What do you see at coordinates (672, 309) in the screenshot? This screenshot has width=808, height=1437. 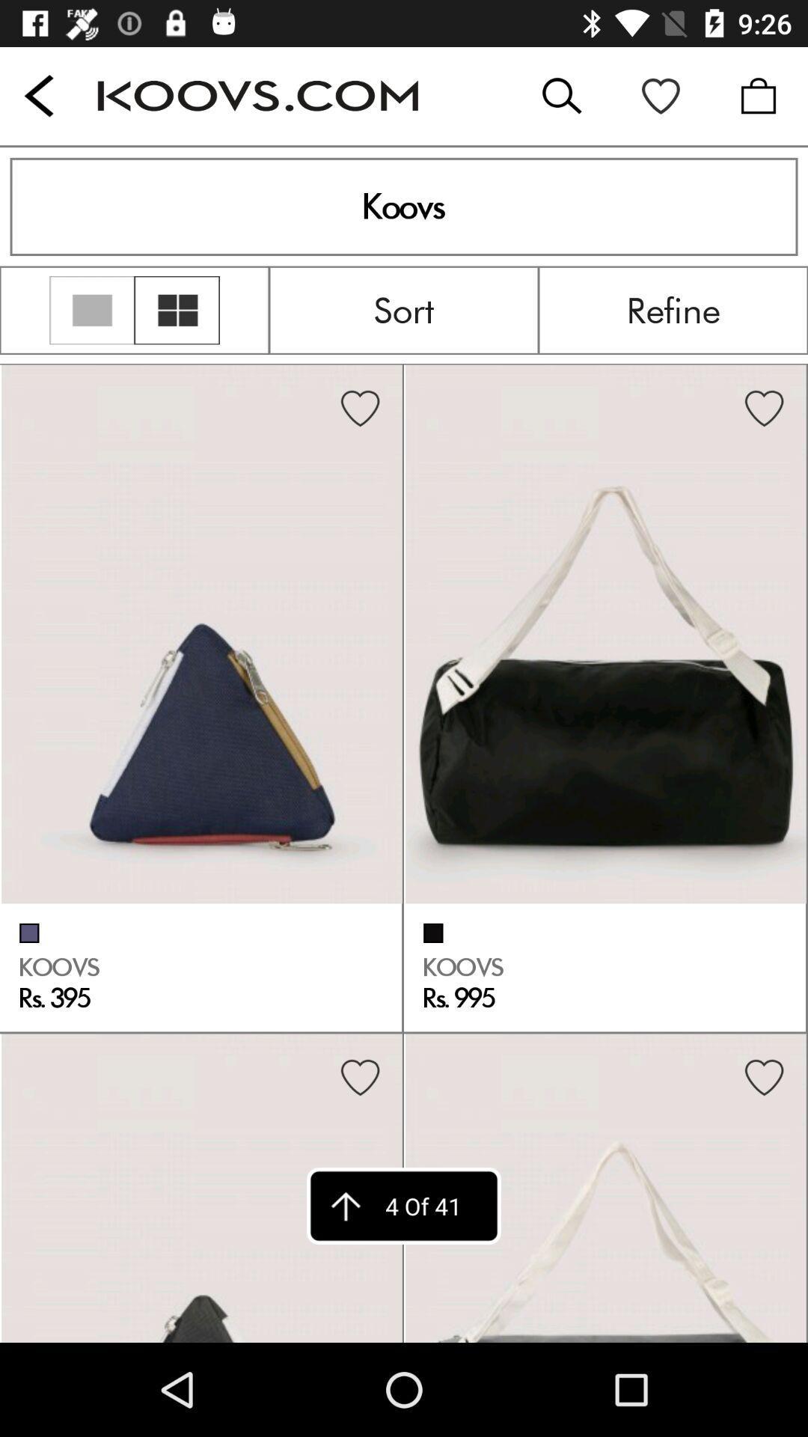 I see `the text refine placed right to sort` at bounding box center [672, 309].